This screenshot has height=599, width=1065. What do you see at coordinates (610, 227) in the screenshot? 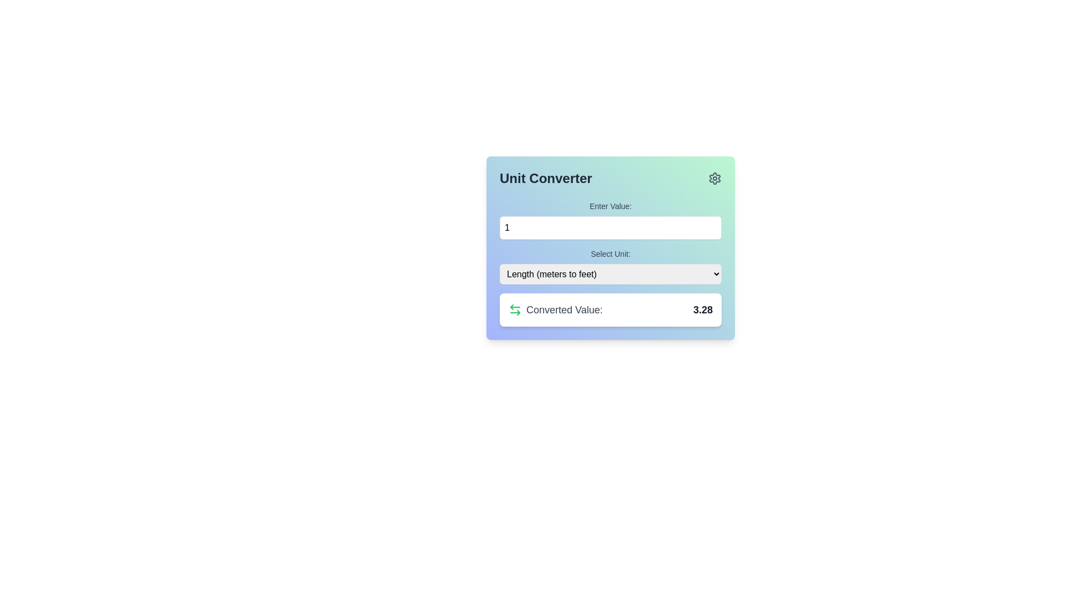
I see `the arrow keys` at bounding box center [610, 227].